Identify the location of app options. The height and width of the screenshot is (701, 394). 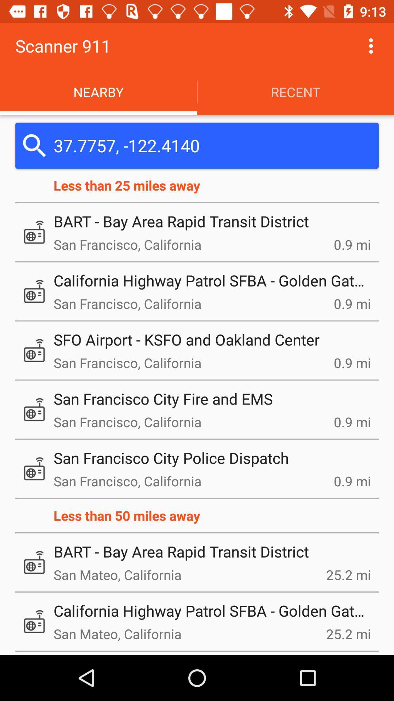
(371, 45).